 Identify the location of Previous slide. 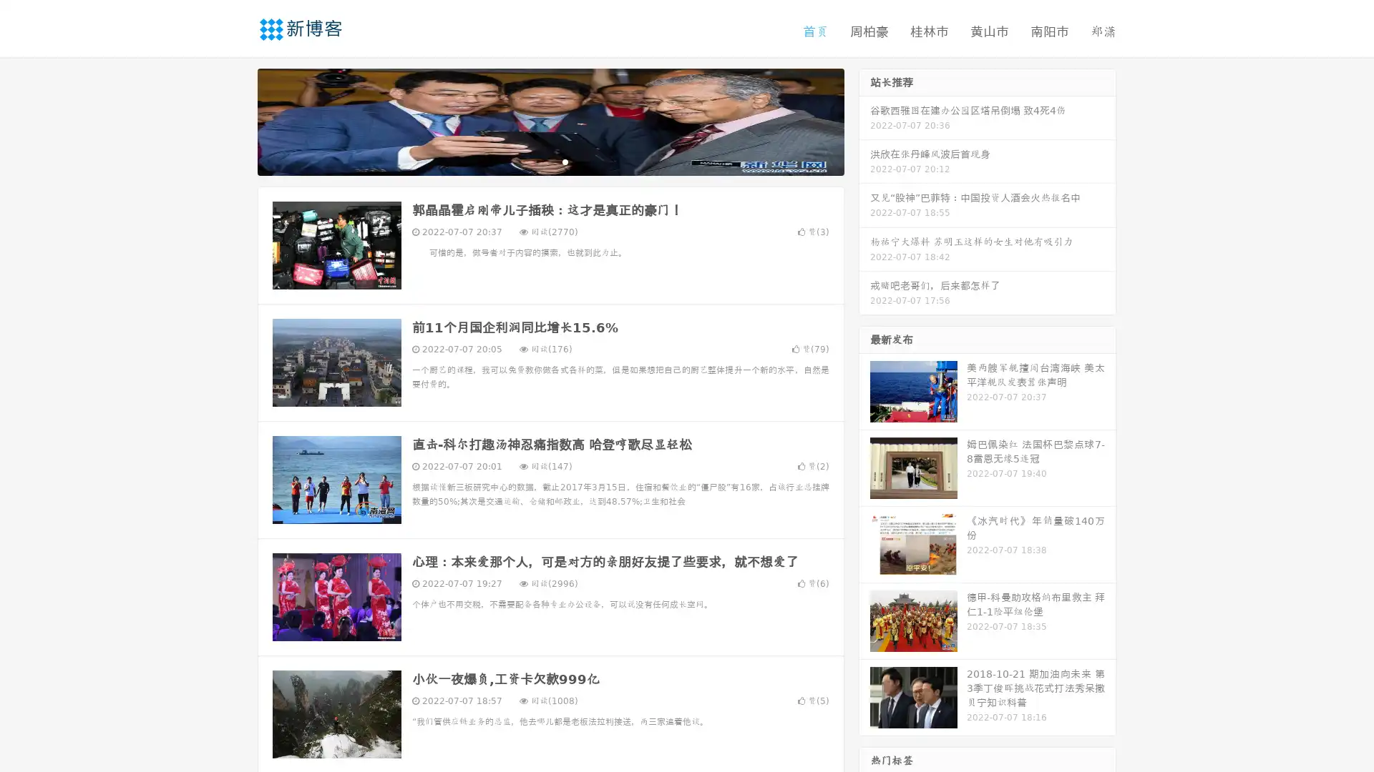
(236, 120).